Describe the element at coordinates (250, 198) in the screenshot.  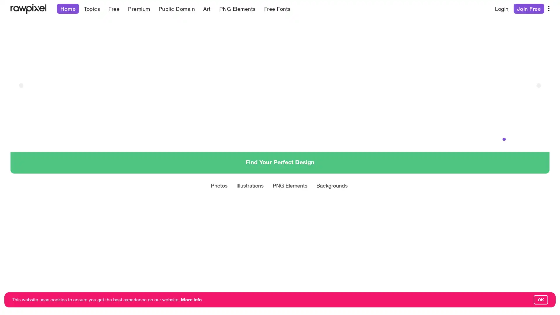
I see `Illustrations` at that location.